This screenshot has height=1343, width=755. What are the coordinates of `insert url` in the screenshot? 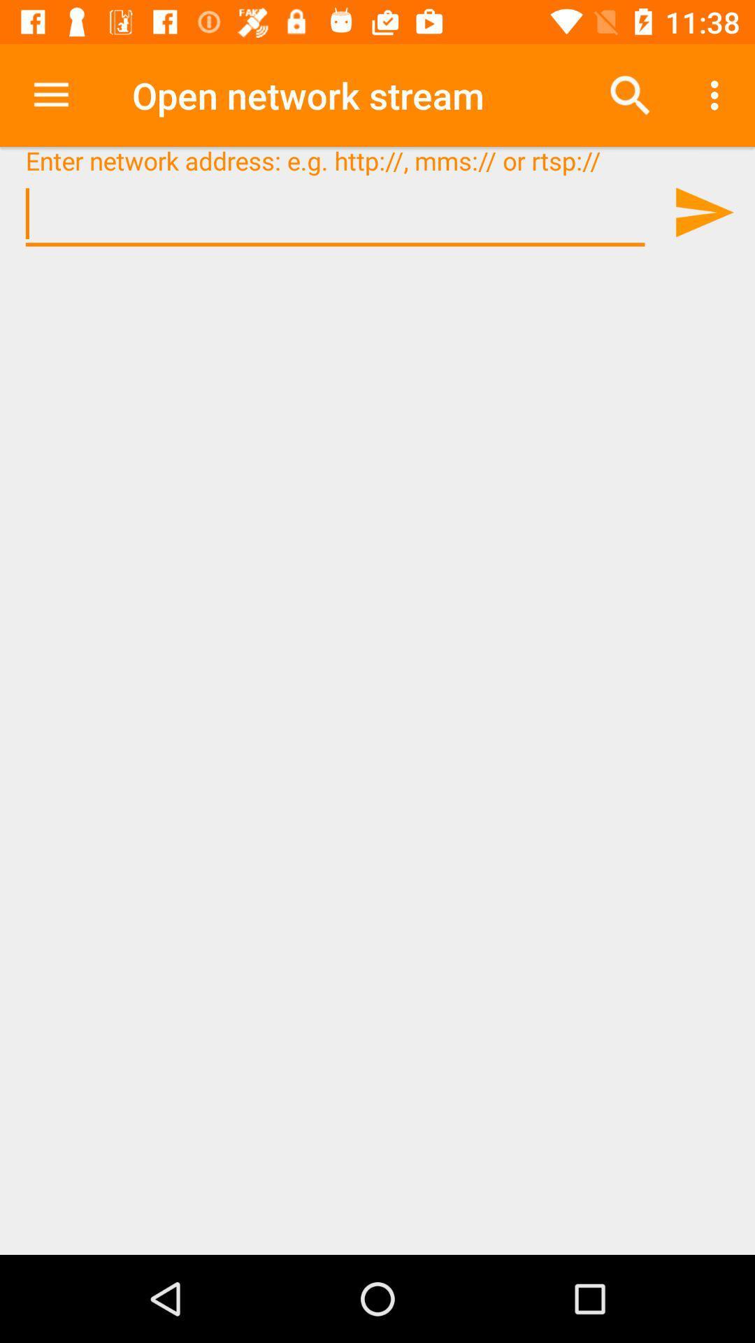 It's located at (335, 213).